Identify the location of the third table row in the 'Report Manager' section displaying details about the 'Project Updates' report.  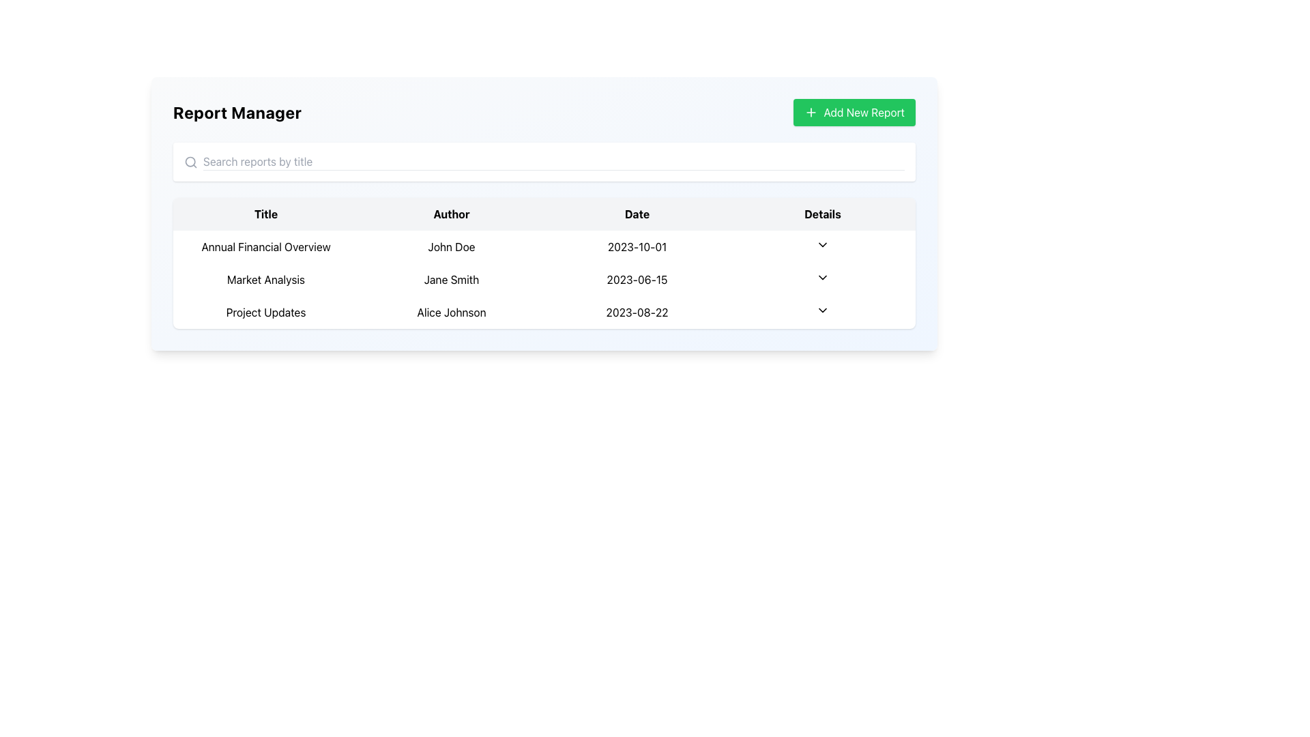
(543, 313).